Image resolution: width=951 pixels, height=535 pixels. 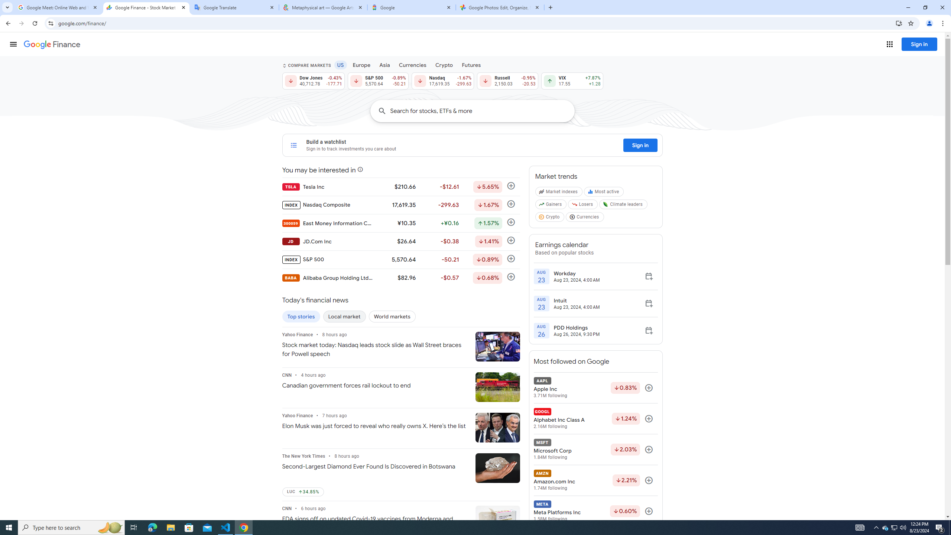 What do you see at coordinates (559, 192) in the screenshot?
I see `'Market indexes'` at bounding box center [559, 192].